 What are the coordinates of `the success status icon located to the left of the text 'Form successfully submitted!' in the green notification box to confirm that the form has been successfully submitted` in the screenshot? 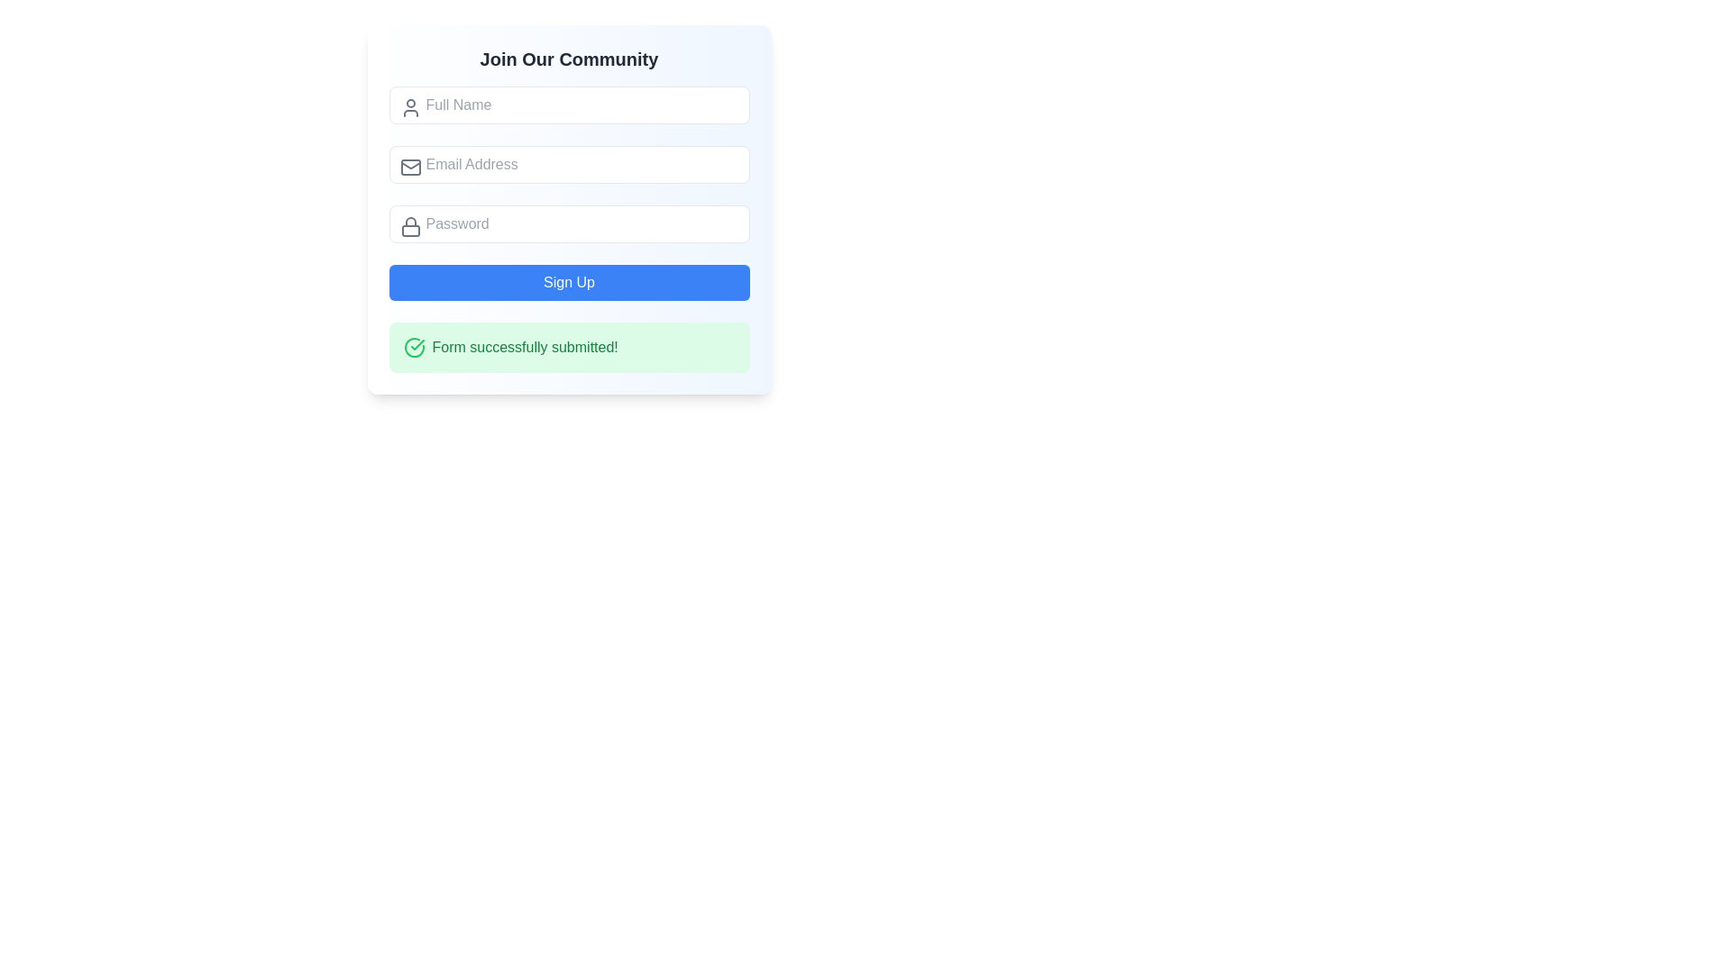 It's located at (416, 344).